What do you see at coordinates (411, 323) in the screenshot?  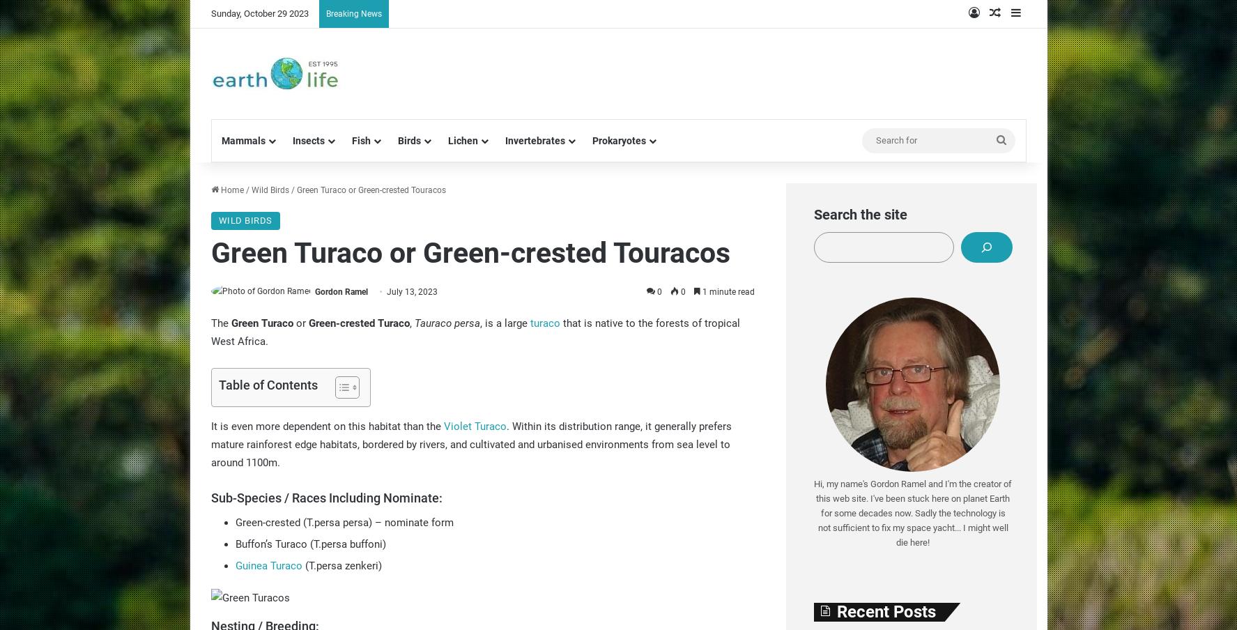 I see `','` at bounding box center [411, 323].